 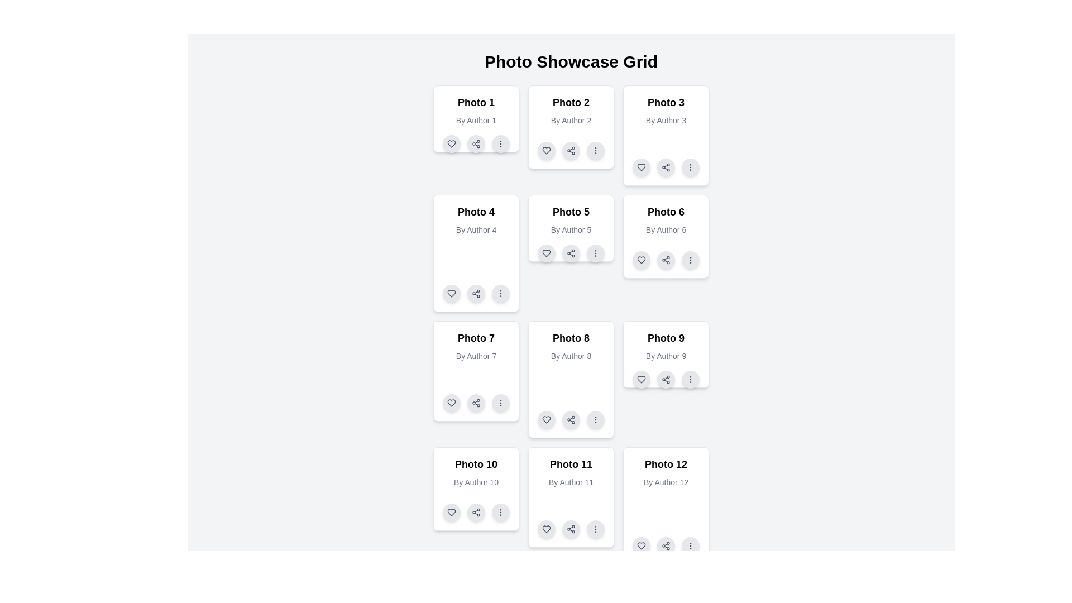 I want to click on the 'like' or 'favorite' button located at the bottom-left corner of the card labeled 'Photo 2 By Author 2', so click(x=547, y=151).